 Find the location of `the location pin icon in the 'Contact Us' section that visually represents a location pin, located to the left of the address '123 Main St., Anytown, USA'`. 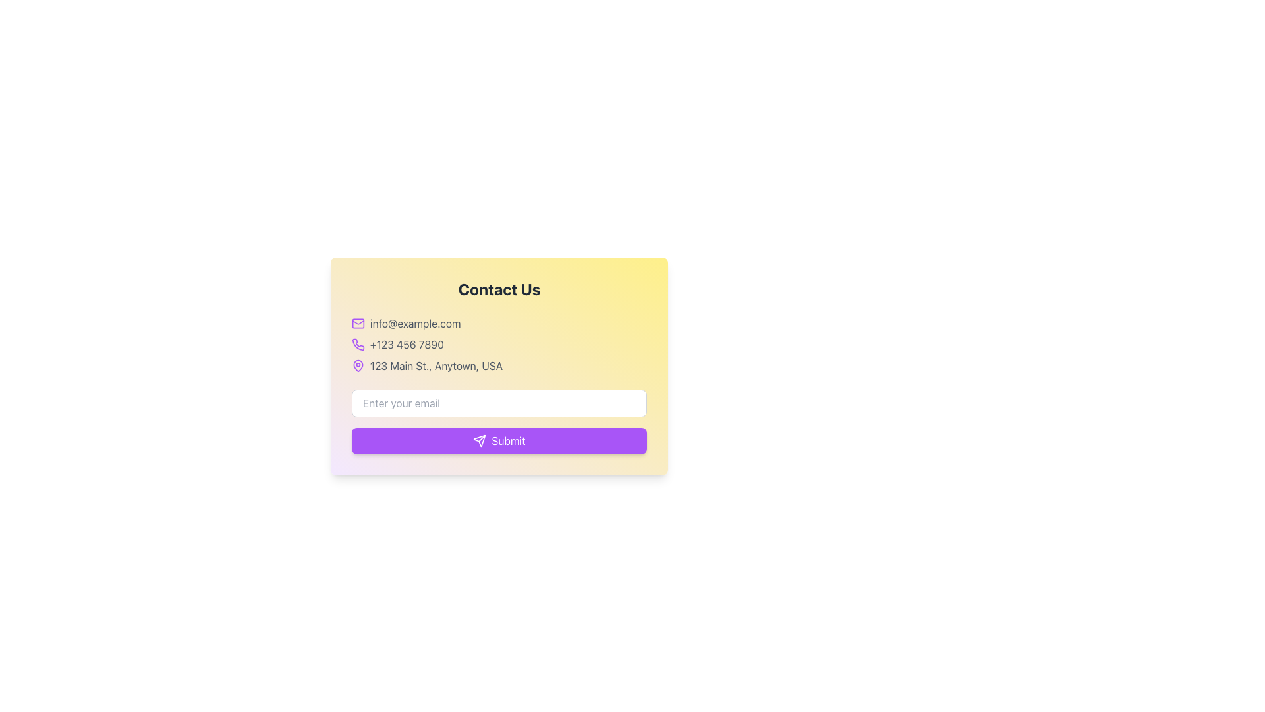

the location pin icon in the 'Contact Us' section that visually represents a location pin, located to the left of the address '123 Main St., Anytown, USA' is located at coordinates (358, 365).